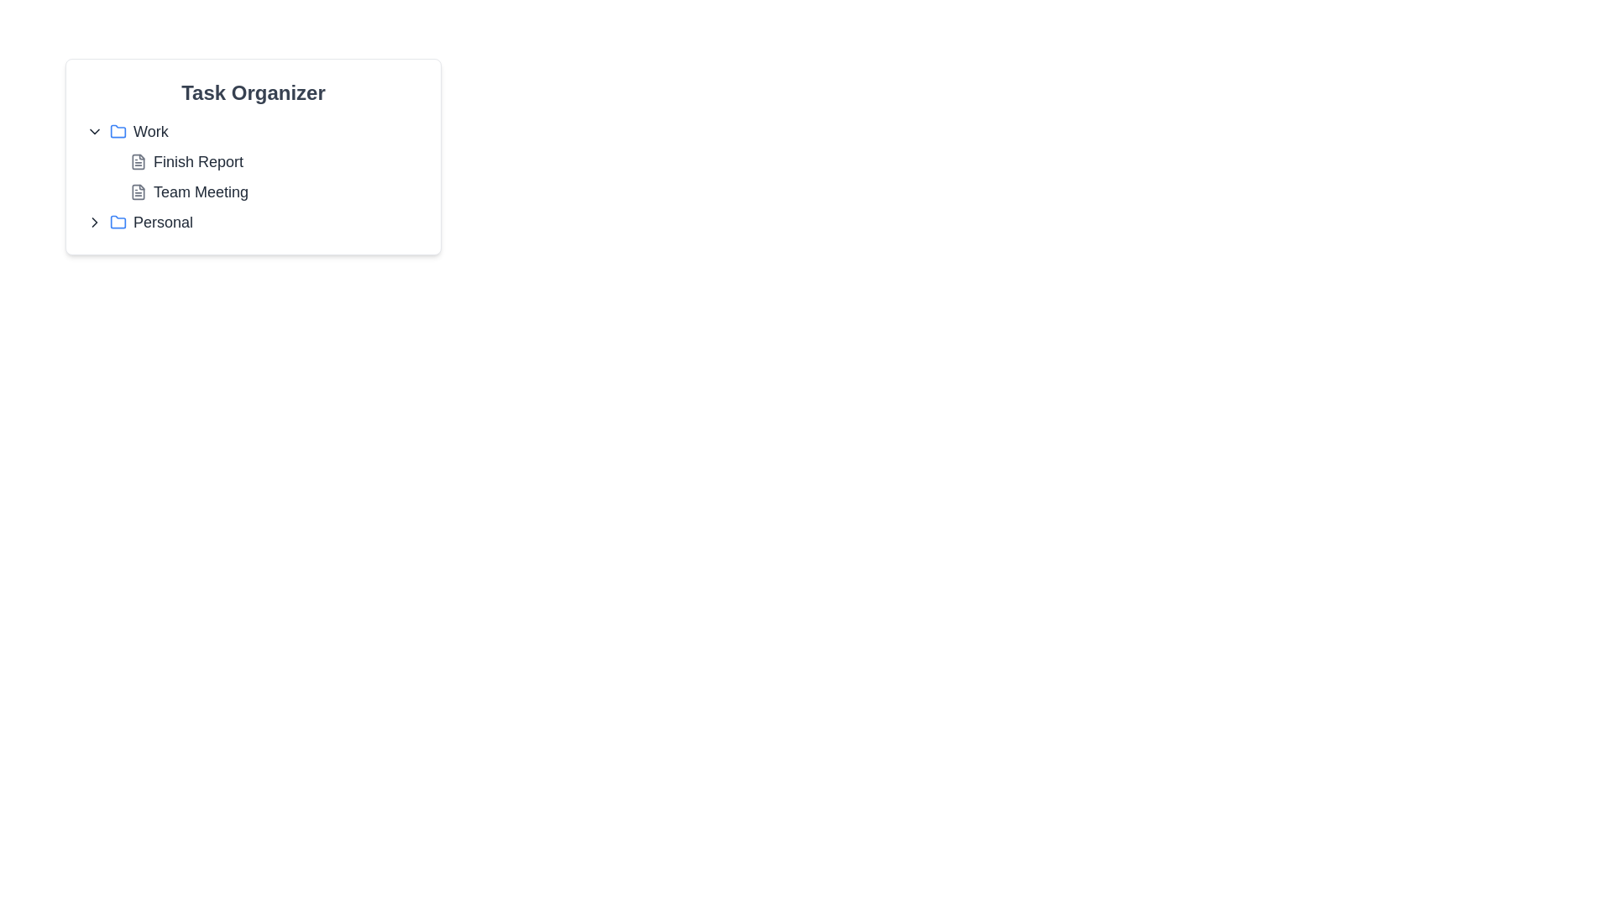 This screenshot has height=907, width=1612. What do you see at coordinates (253, 93) in the screenshot?
I see `text displayed as 'Task Organizer' in large, bold, dark gray font, located at the top of the interface, centered horizontally above other items` at bounding box center [253, 93].